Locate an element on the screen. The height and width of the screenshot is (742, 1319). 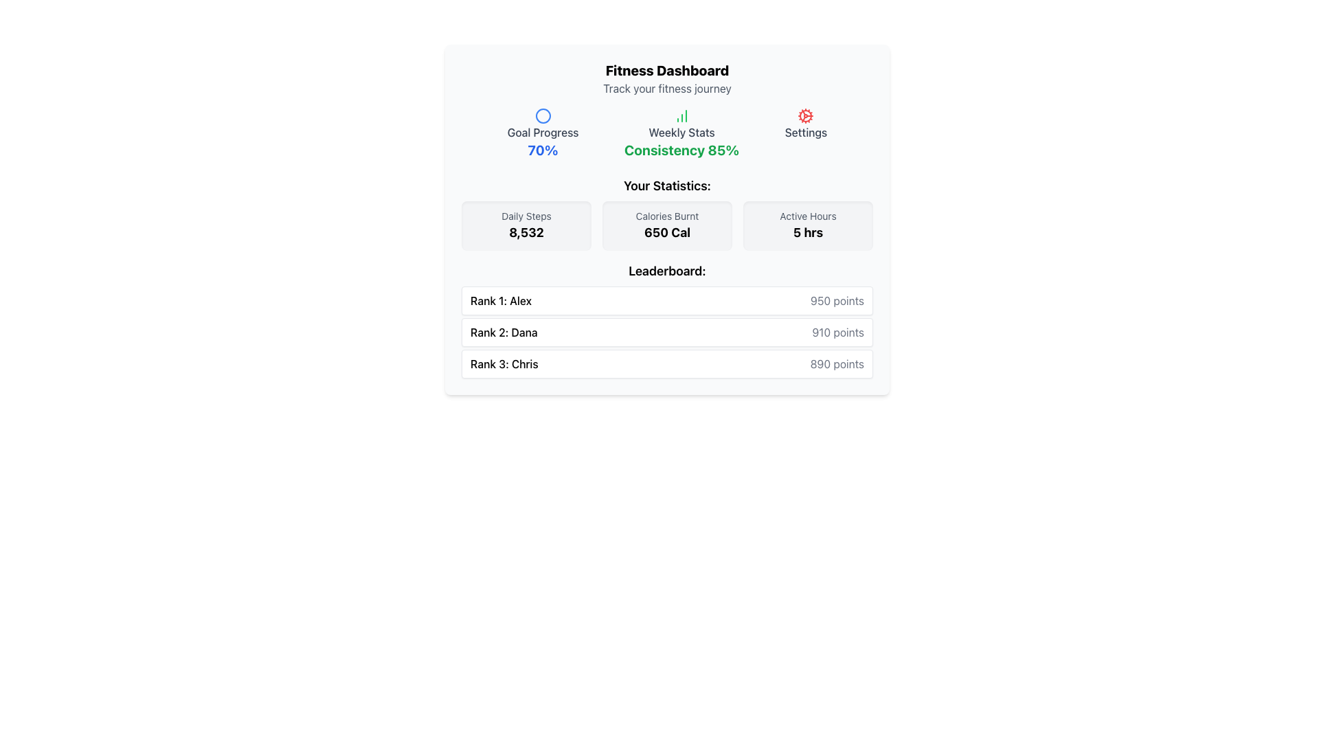
the 'Settings' label, which is styled with a medium gray font and positioned below a red gear icon in the Fitness Dashboard section is located at coordinates (806, 134).